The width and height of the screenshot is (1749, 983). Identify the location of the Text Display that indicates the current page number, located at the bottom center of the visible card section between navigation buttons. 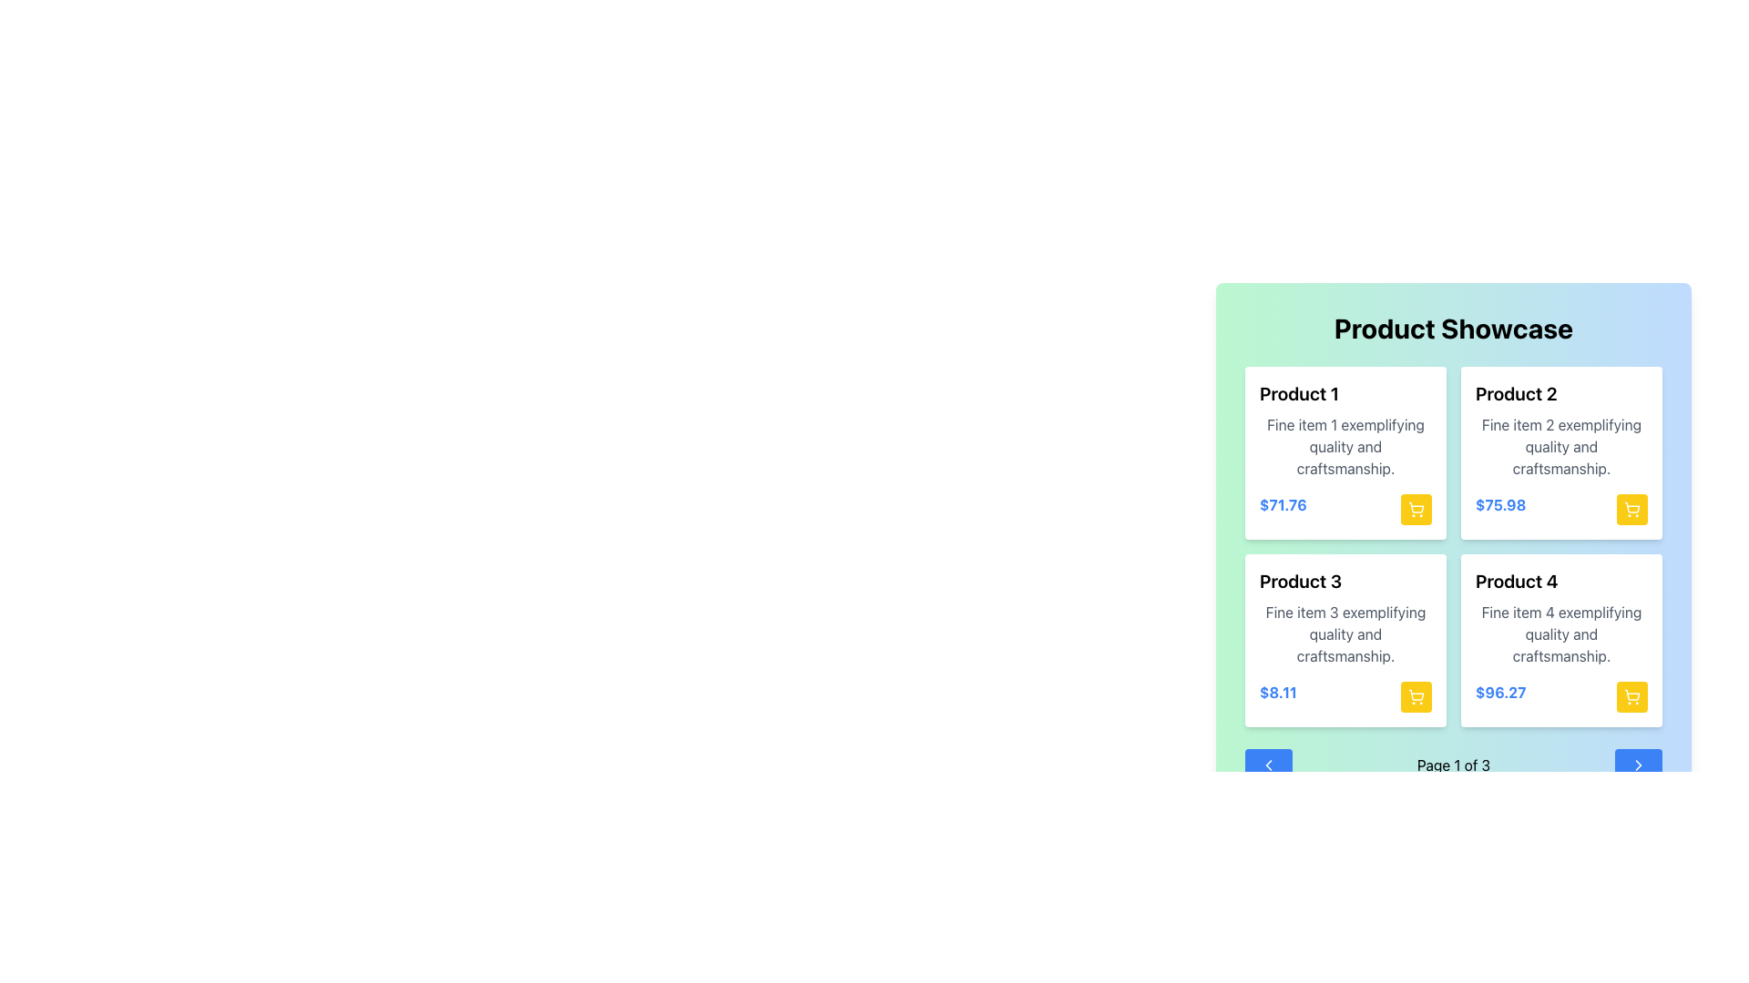
(1453, 765).